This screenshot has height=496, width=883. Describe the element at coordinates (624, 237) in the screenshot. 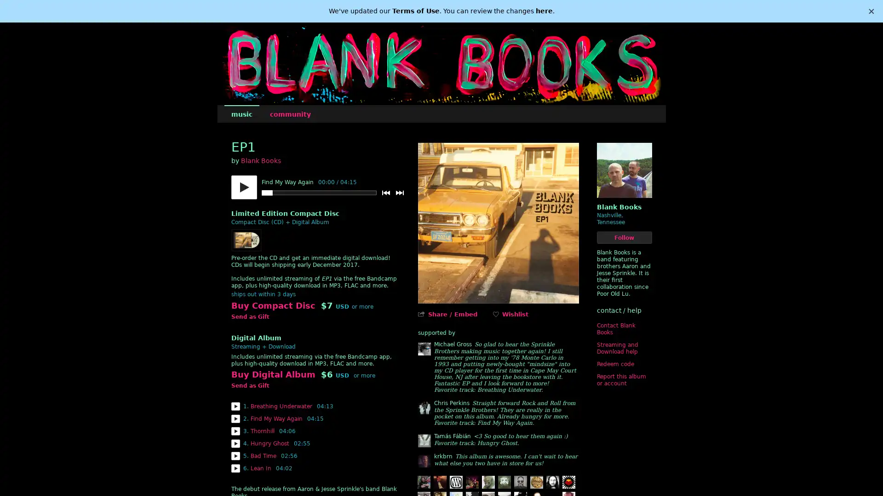

I see `Follow` at that location.